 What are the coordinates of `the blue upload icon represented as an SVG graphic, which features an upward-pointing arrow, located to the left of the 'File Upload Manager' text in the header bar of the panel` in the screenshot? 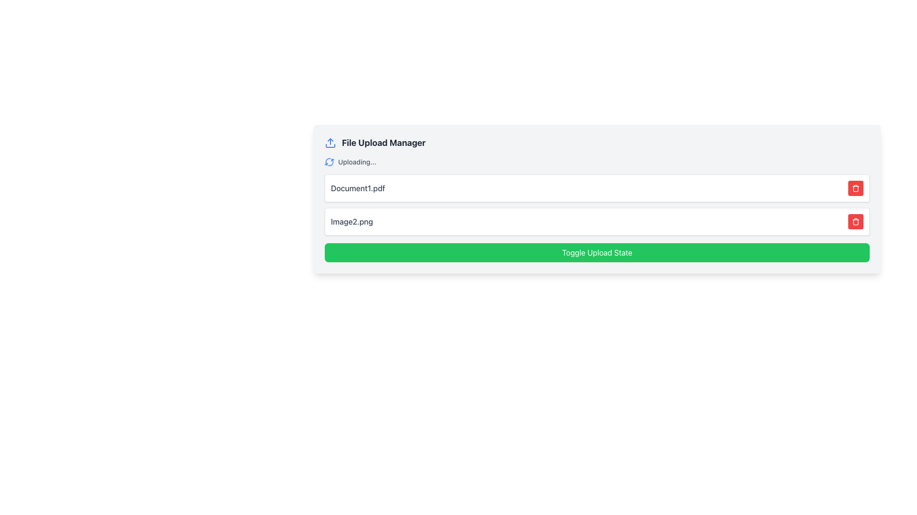 It's located at (330, 143).